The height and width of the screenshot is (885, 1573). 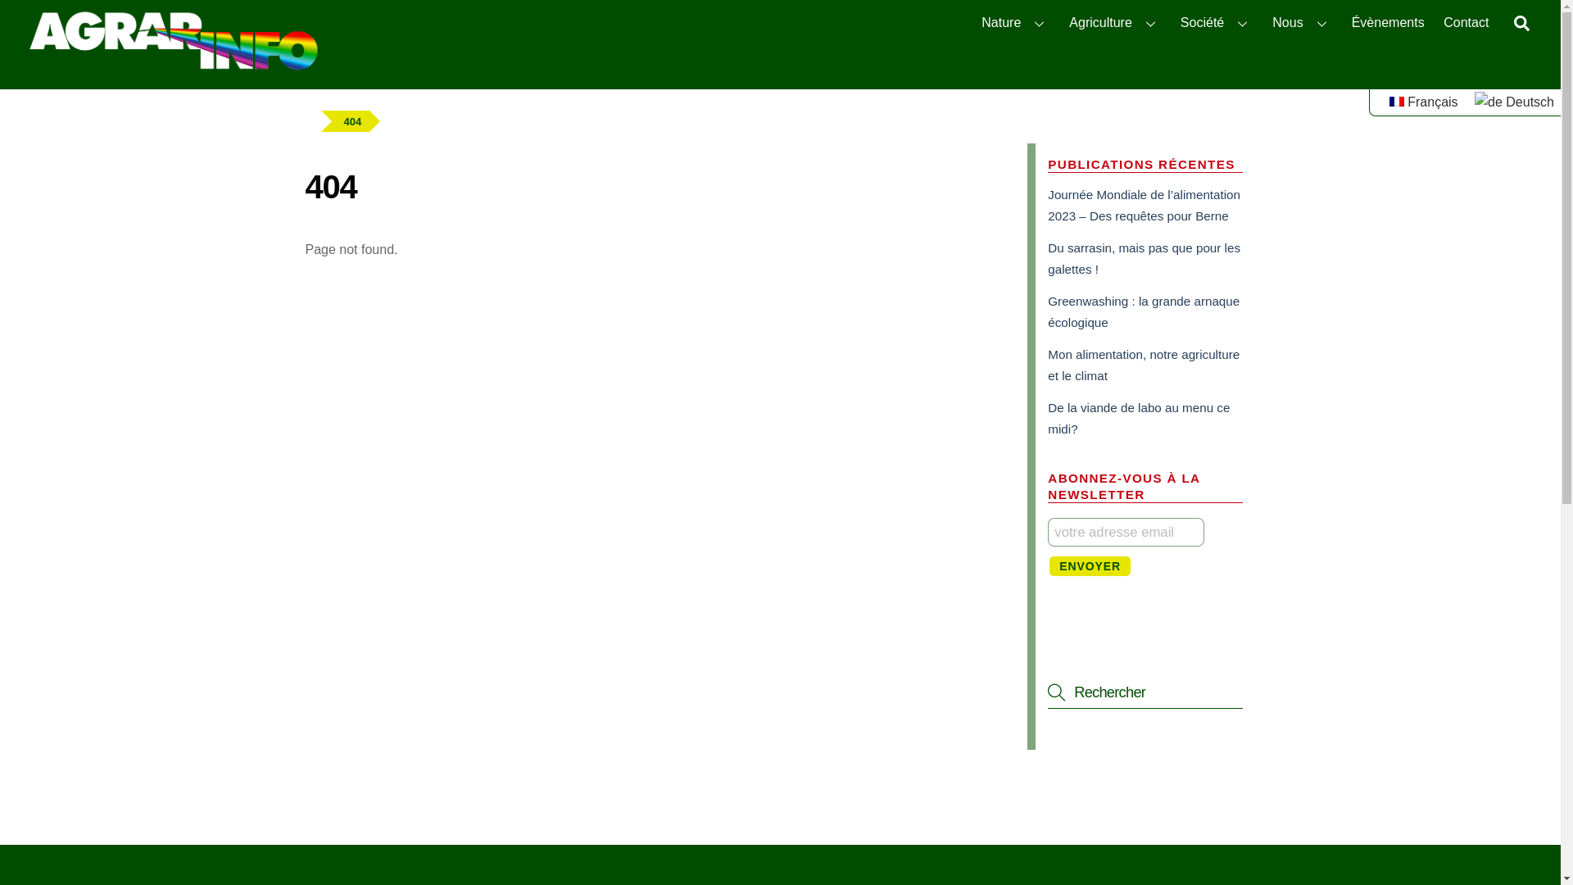 I want to click on 'agrarinfo_logo_RGBneg', so click(x=173, y=40).